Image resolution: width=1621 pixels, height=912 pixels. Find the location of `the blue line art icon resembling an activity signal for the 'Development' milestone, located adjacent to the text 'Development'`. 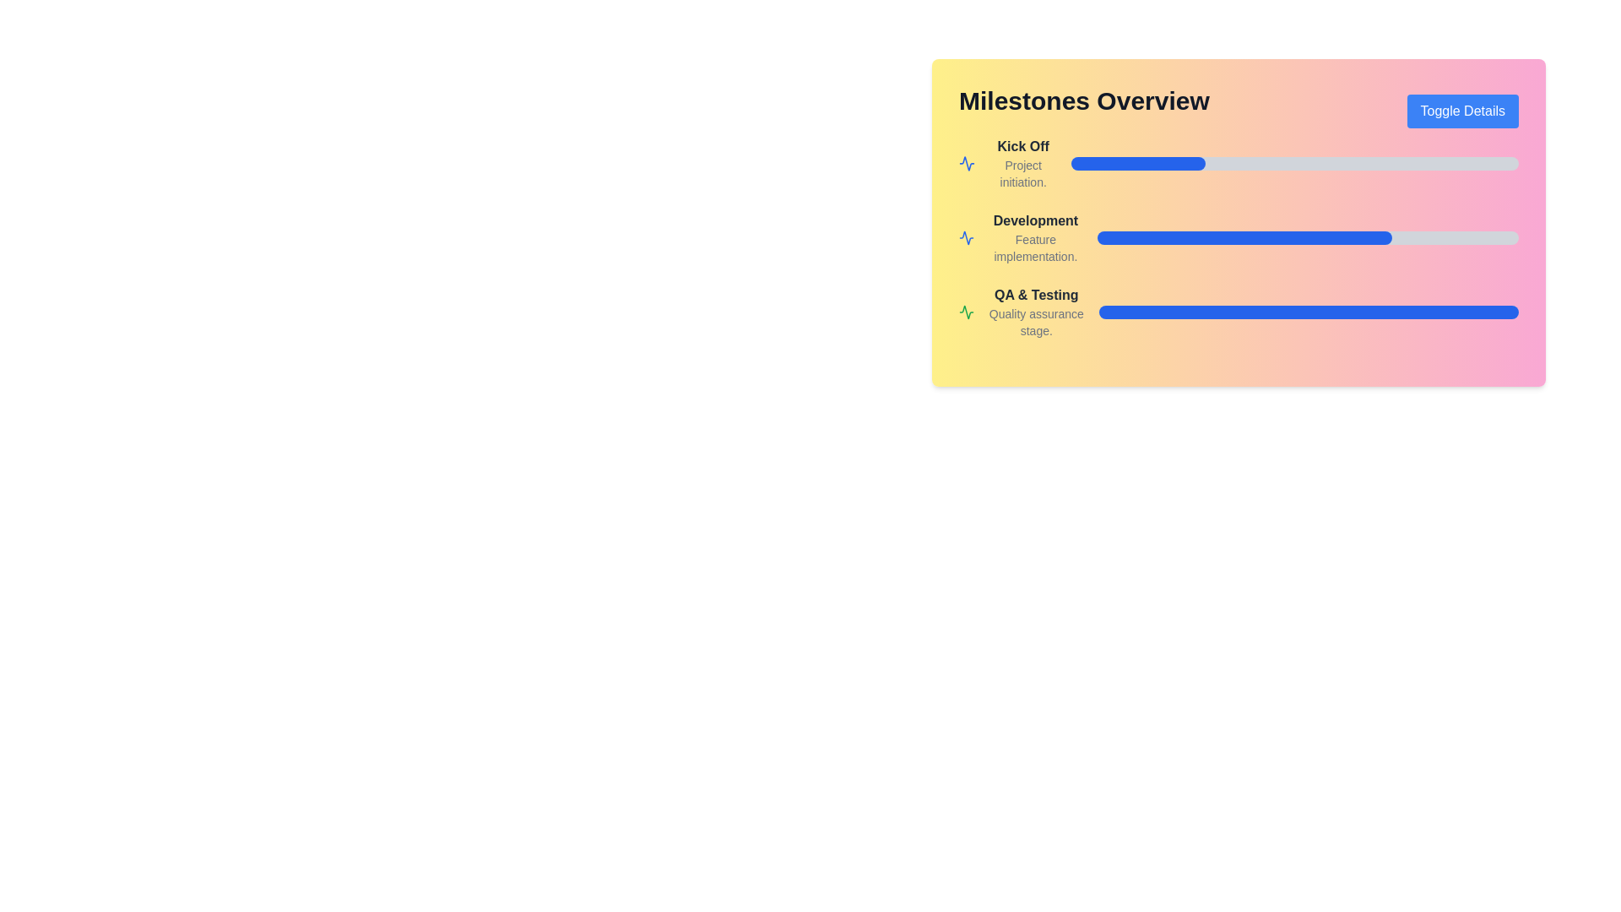

the blue line art icon resembling an activity signal for the 'Development' milestone, located adjacent to the text 'Development' is located at coordinates (967, 237).